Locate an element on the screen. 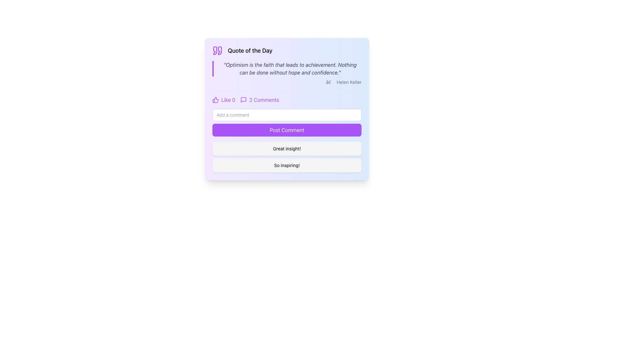 The image size is (617, 347). the button located below the 'Add a comment' text input field is located at coordinates (286, 130).